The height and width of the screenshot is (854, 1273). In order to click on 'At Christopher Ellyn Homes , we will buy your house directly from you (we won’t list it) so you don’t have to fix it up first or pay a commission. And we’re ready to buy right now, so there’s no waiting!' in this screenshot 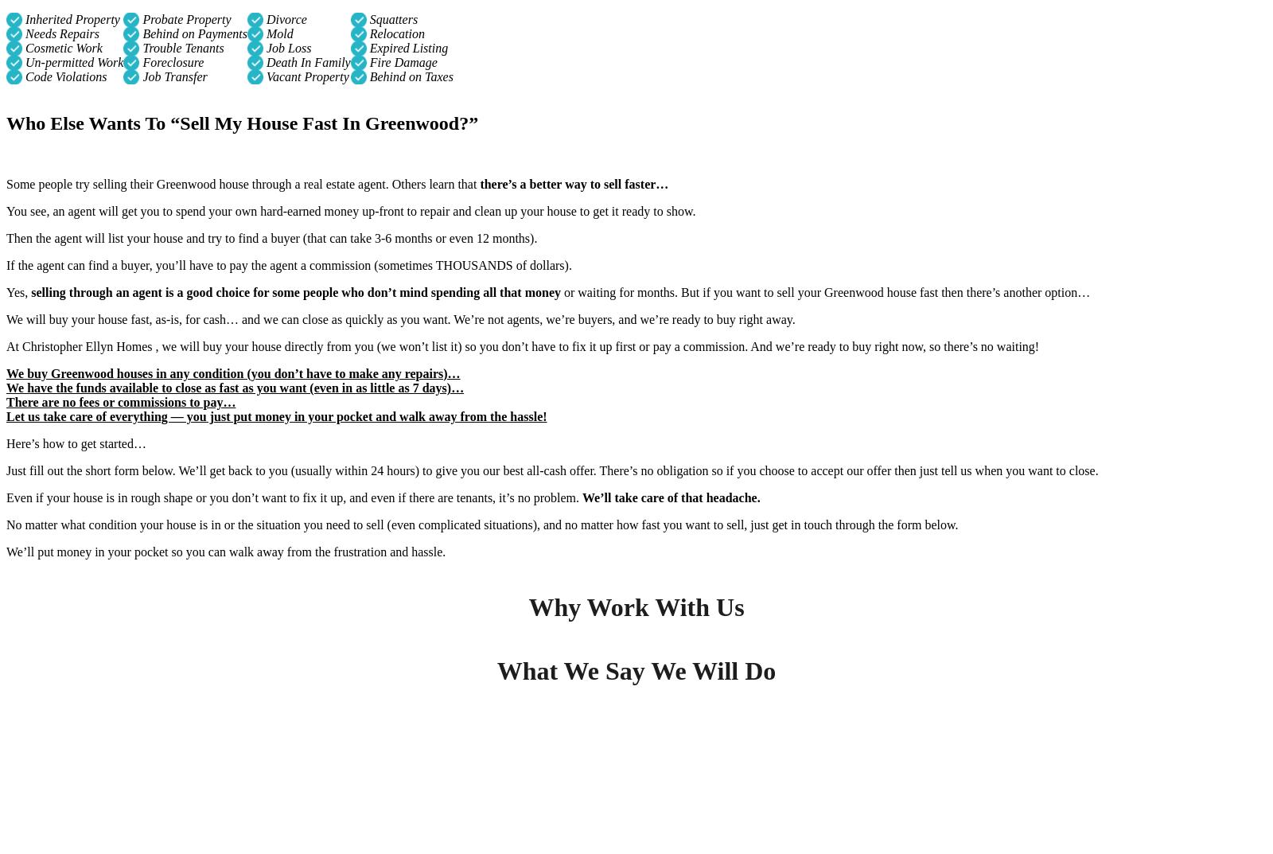, I will do `click(522, 345)`.